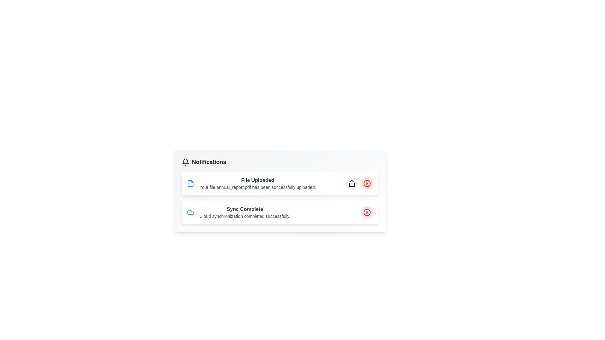 This screenshot has height=340, width=605. Describe the element at coordinates (367, 183) in the screenshot. I see `the button located in the top-right corner of the first notification row, adjacent to the text 'File Uploaded'` at that location.